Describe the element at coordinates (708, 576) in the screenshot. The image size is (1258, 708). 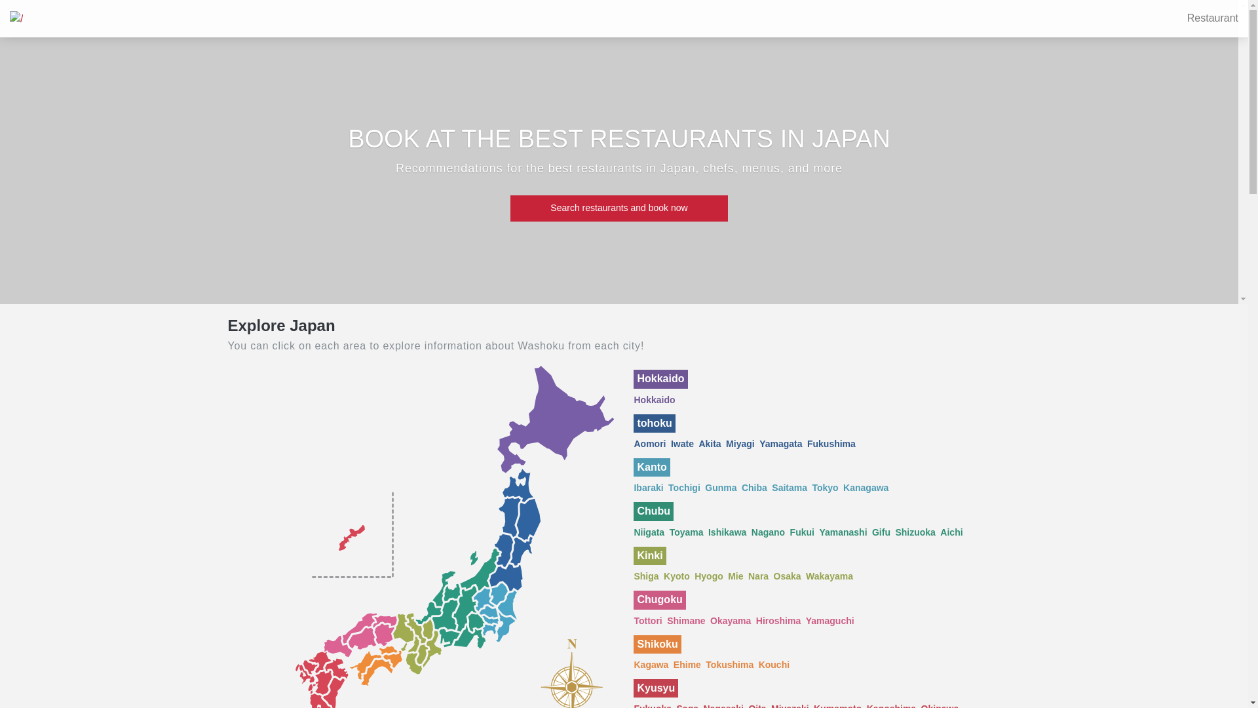
I see `'Hyogo'` at that location.